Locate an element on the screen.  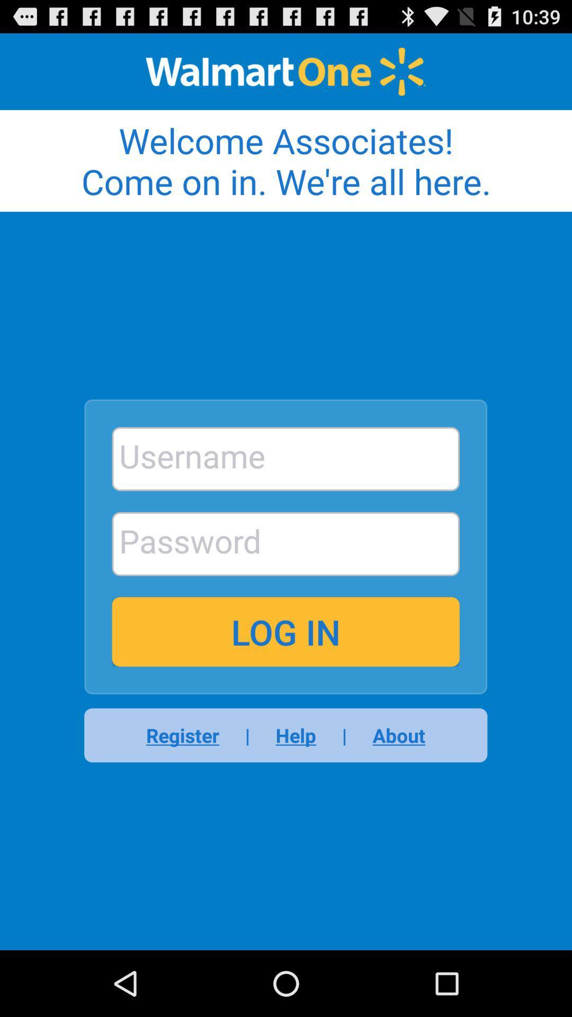
the item to the left of the | app is located at coordinates (189, 735).